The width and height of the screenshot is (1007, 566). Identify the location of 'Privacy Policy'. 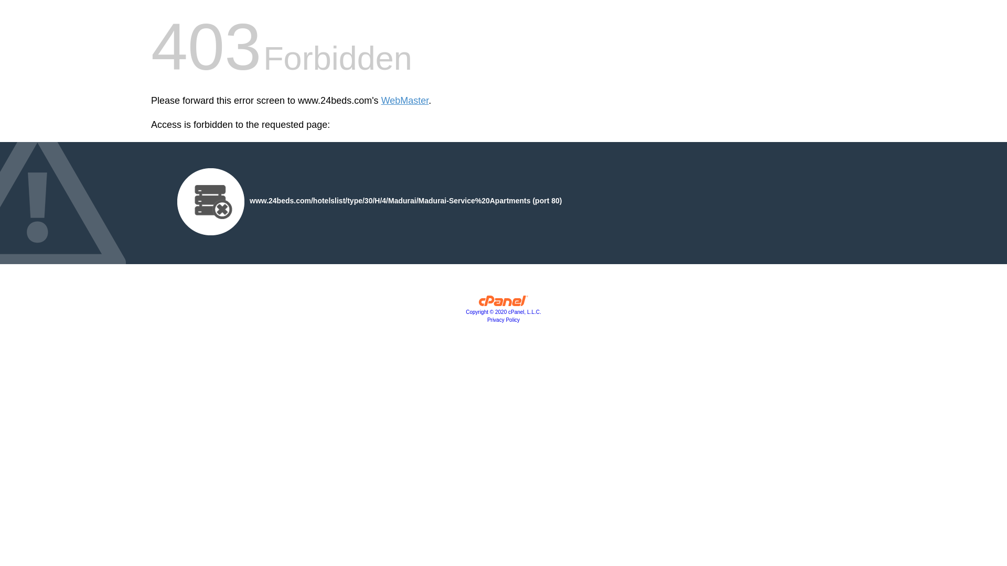
(504, 319).